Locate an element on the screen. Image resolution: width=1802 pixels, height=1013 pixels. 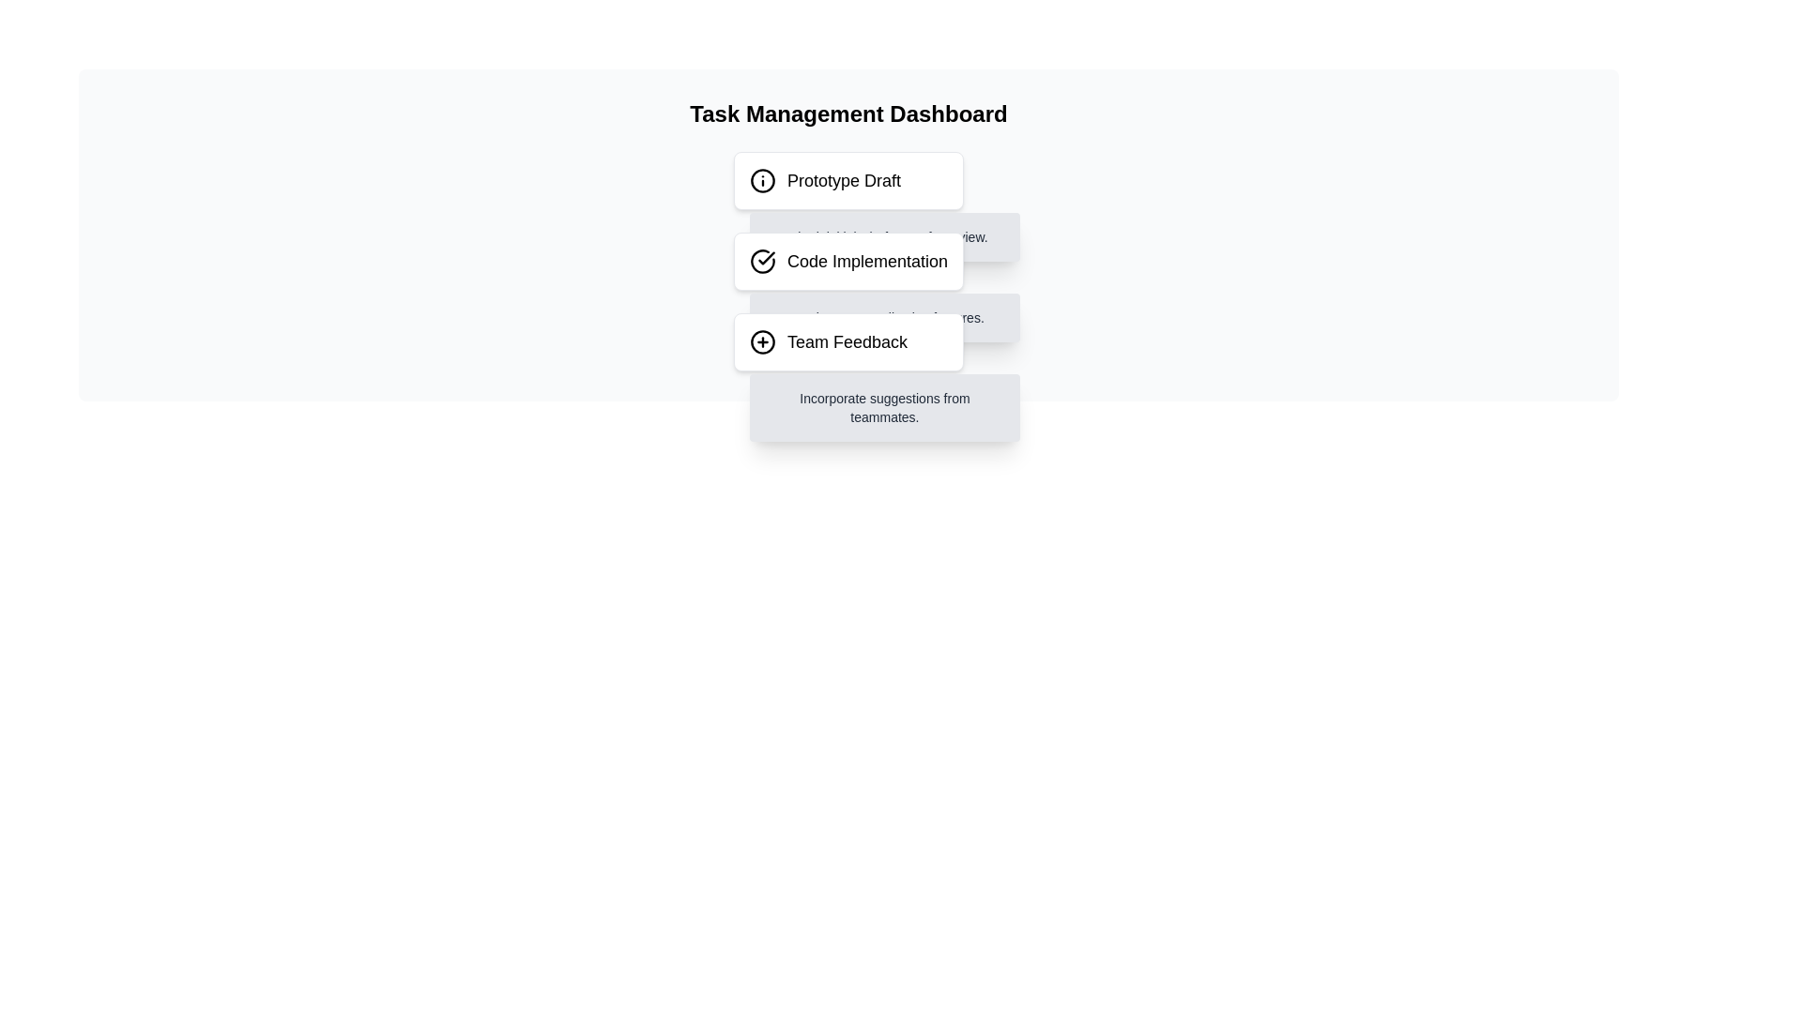
the 'Team Feedback' label, which is a medium-sized, bold text heading located in the third item of a vertical list is located at coordinates (846, 342).